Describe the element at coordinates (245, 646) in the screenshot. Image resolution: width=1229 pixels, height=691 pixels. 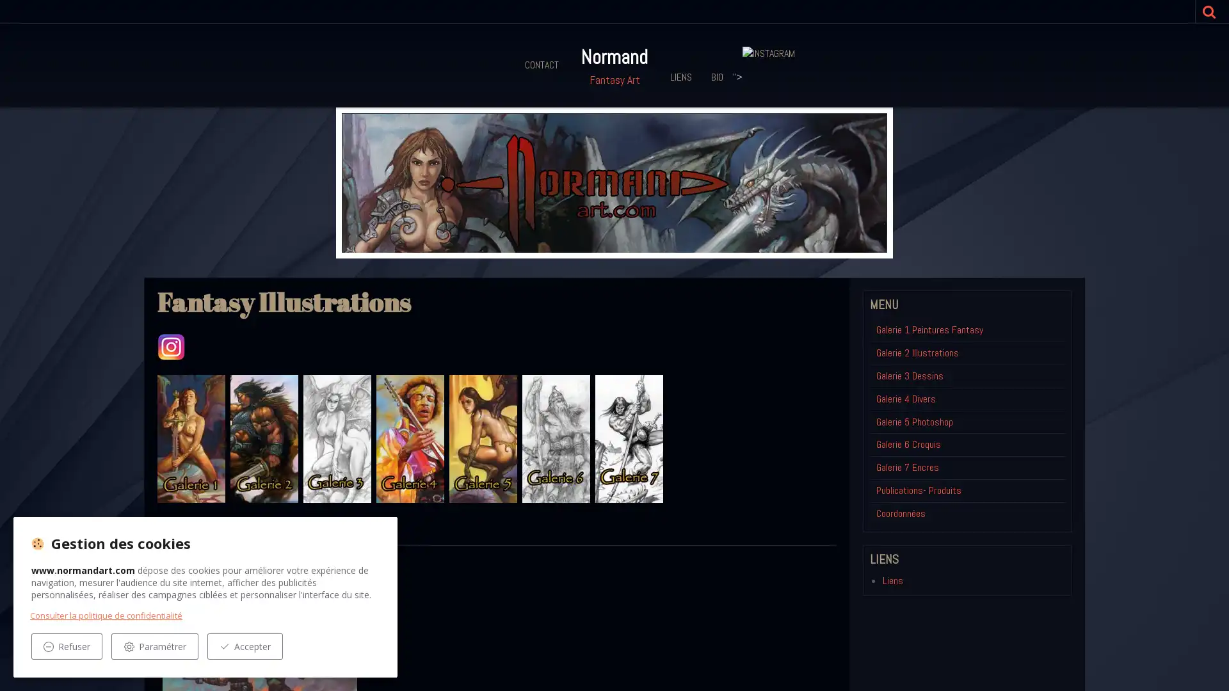
I see `Accepter` at that location.